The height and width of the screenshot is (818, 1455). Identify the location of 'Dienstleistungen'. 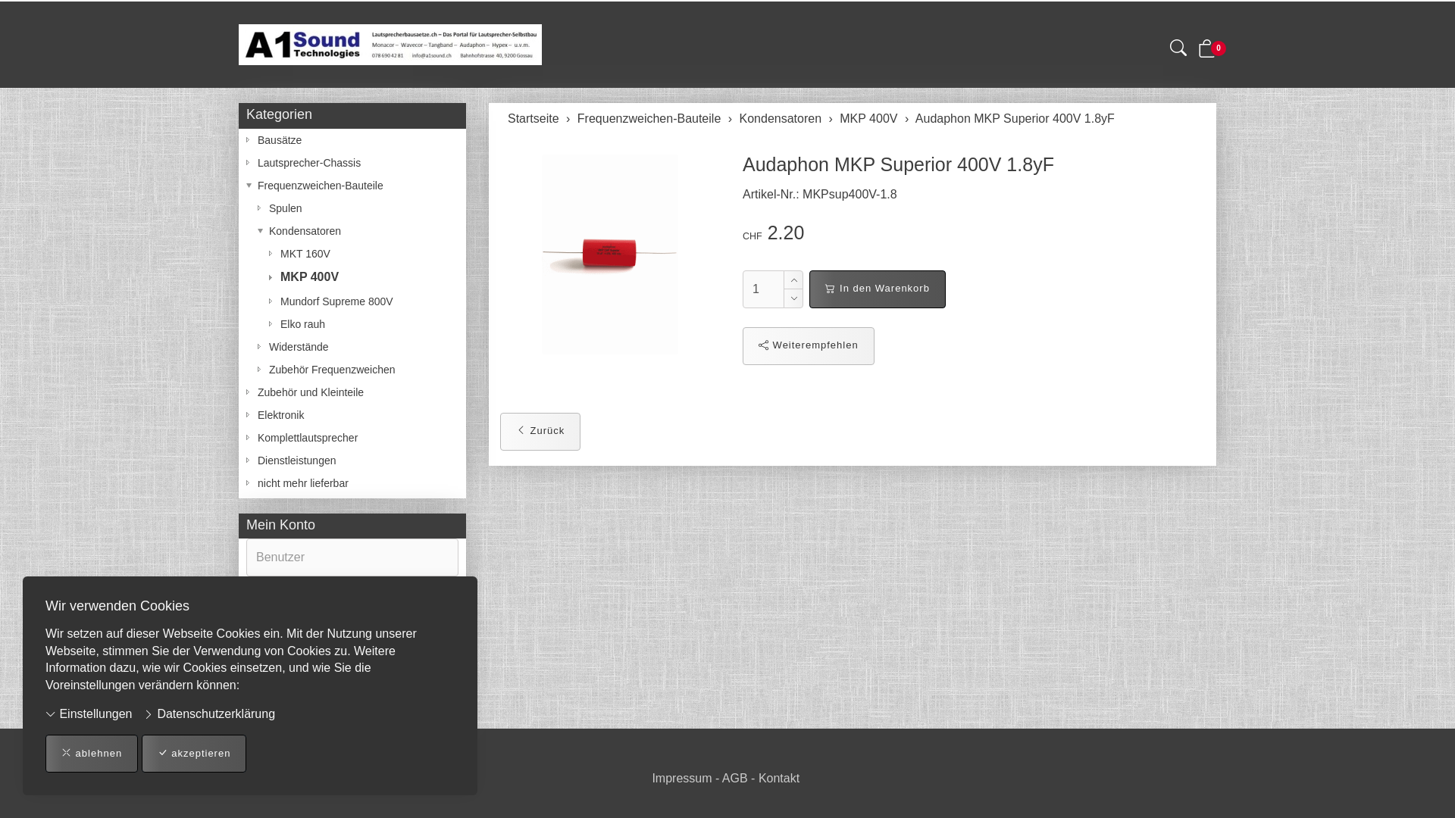
(352, 460).